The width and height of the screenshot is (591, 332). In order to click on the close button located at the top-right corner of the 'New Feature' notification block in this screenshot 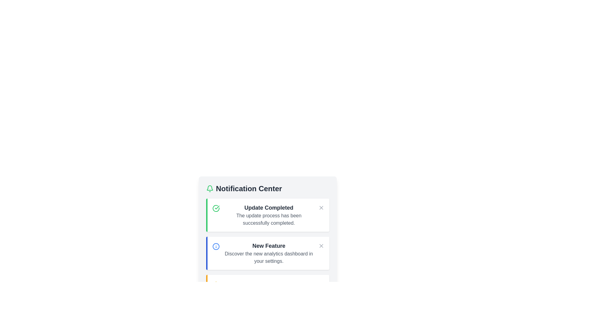, I will do `click(321, 245)`.